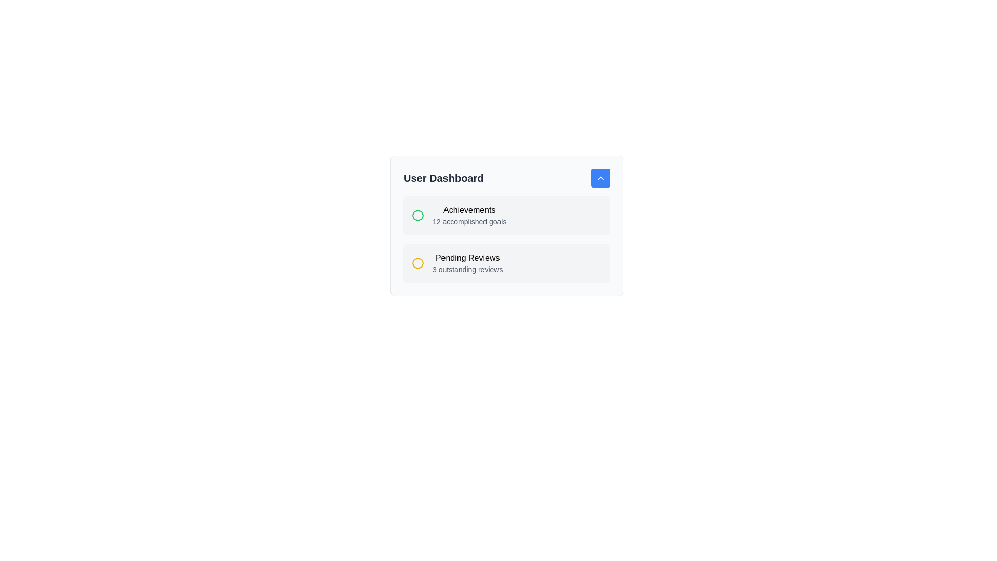  I want to click on the abstract badge icon with a green outline located to the left of the text 'Achievements' in the dashboard layout, so click(418, 215).